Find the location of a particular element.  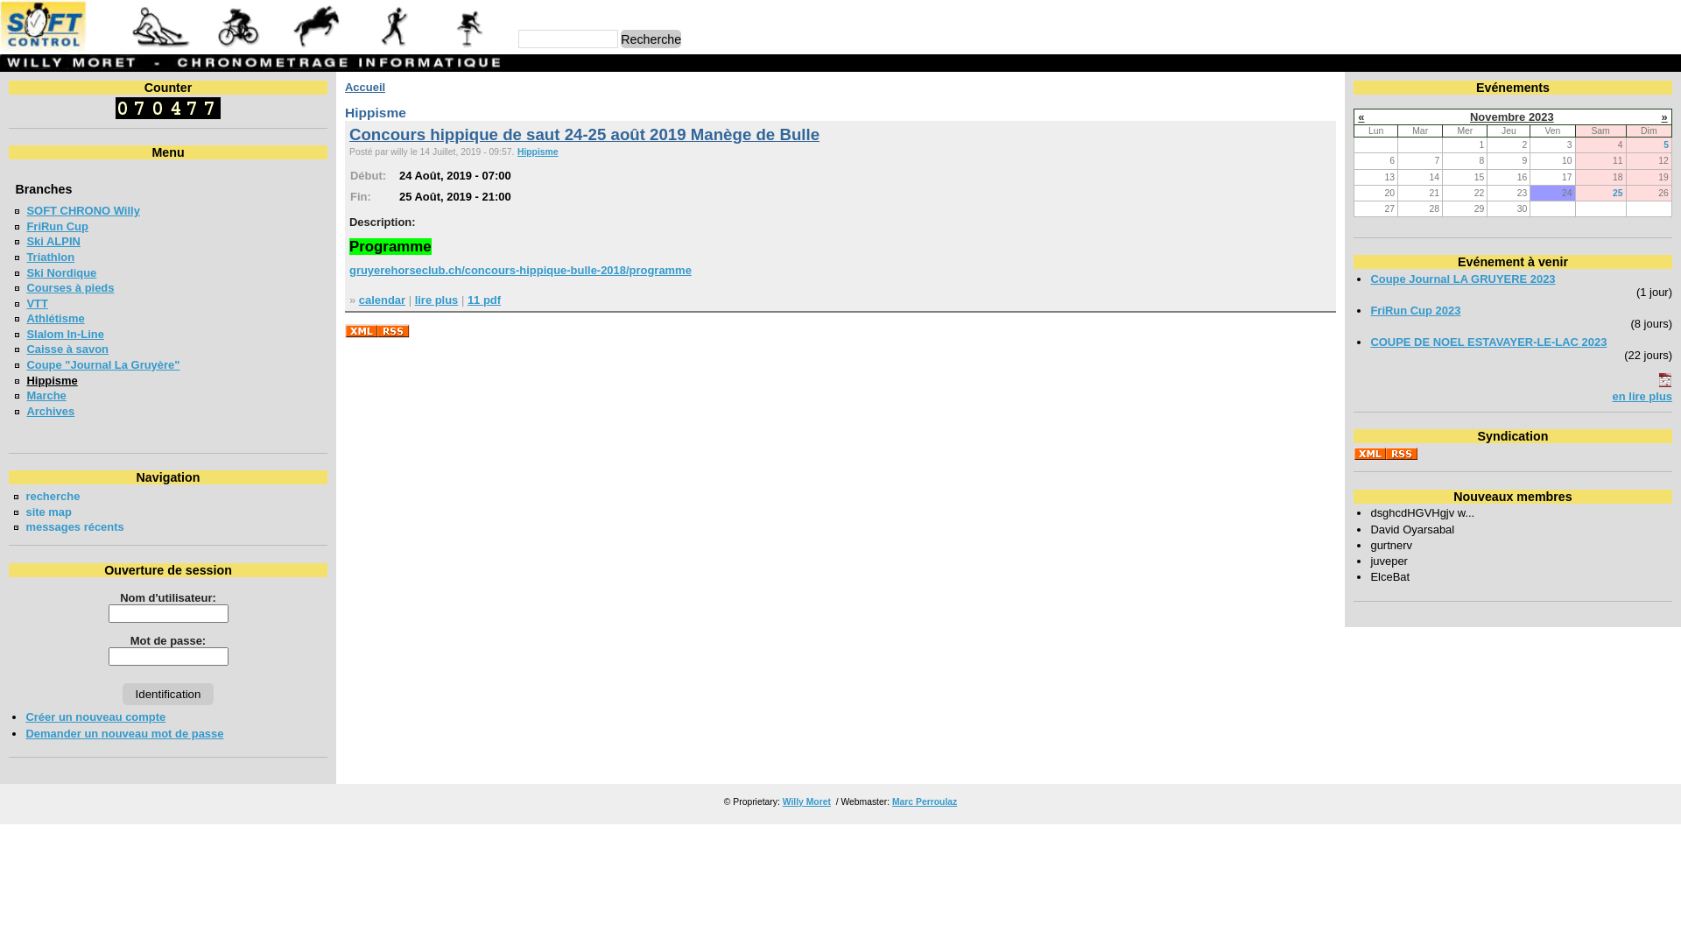

'recherche' is located at coordinates (52, 496).